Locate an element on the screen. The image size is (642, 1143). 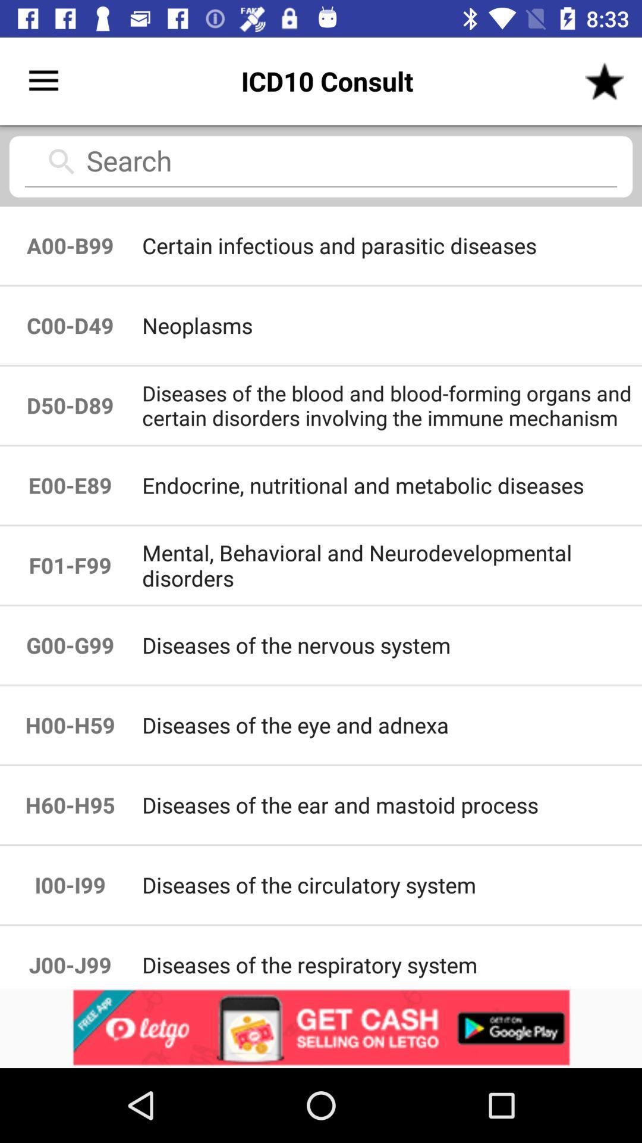
search icd10 codes is located at coordinates (321, 165).